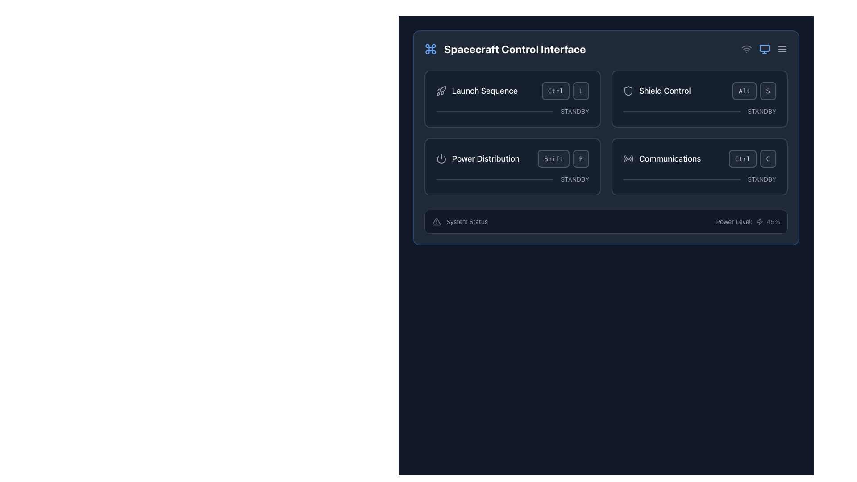  Describe the element at coordinates (515, 49) in the screenshot. I see `the static text reading 'Spacecraft Control Interface', which is prominently displayed in white bold text on a dark background near the top center of the interface` at that location.